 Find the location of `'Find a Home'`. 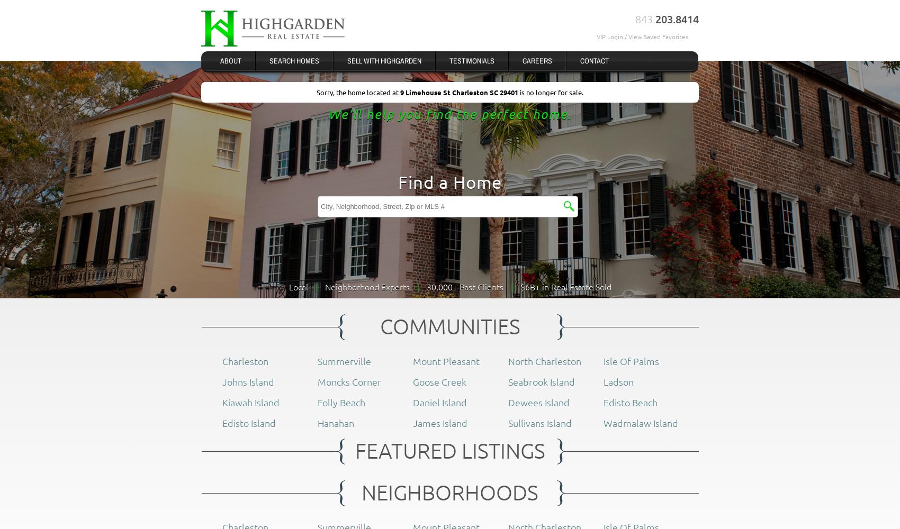

'Find a Home' is located at coordinates (398, 181).